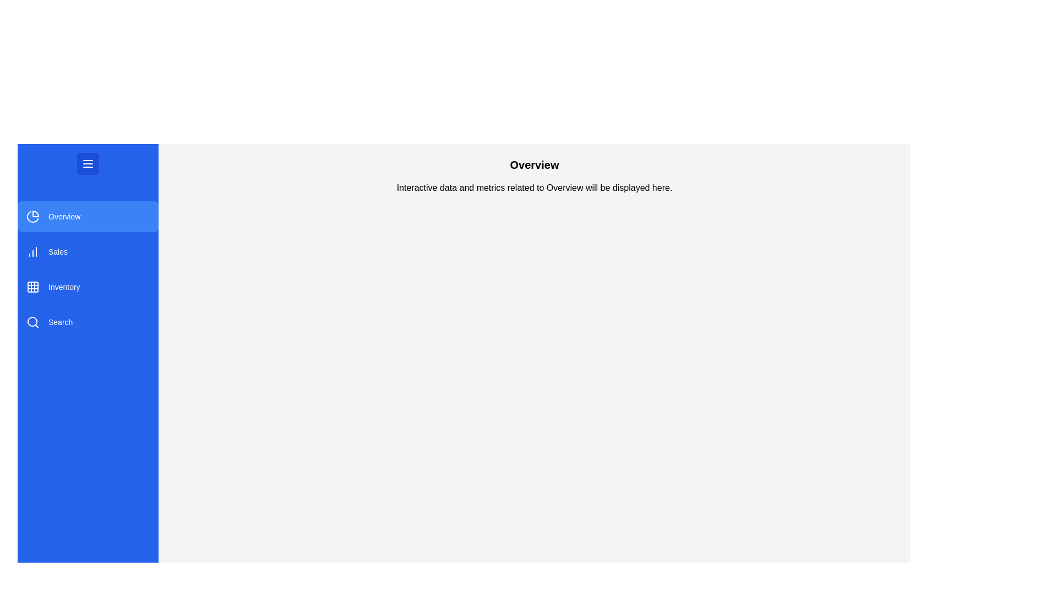 This screenshot has width=1057, height=594. I want to click on the module Sales from the sidebar menu, so click(87, 252).